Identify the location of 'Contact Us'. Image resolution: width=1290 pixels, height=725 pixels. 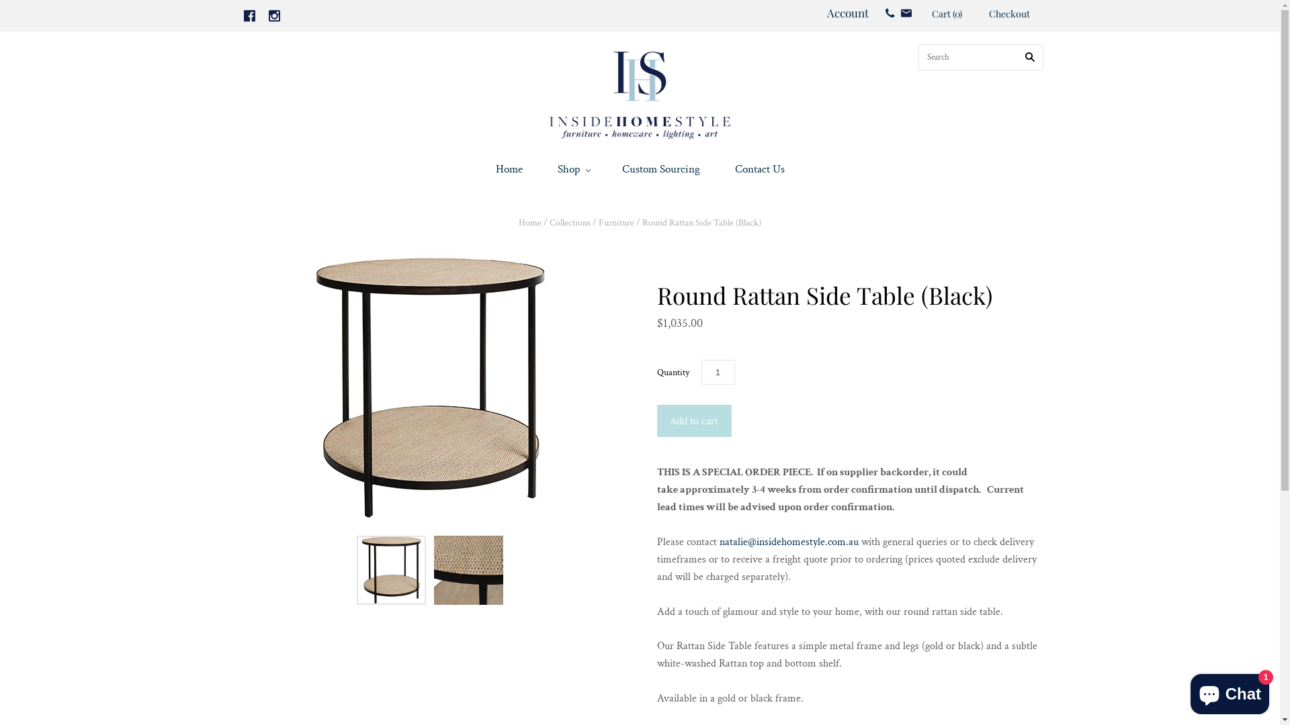
(760, 168).